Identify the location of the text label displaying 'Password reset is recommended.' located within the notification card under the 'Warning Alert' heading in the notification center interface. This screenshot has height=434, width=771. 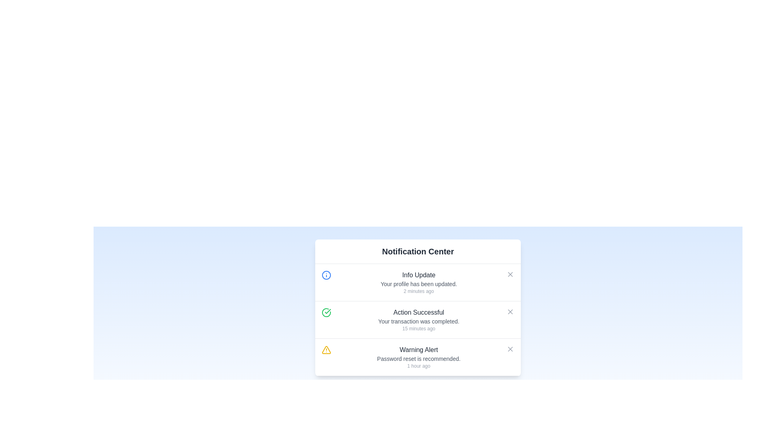
(418, 358).